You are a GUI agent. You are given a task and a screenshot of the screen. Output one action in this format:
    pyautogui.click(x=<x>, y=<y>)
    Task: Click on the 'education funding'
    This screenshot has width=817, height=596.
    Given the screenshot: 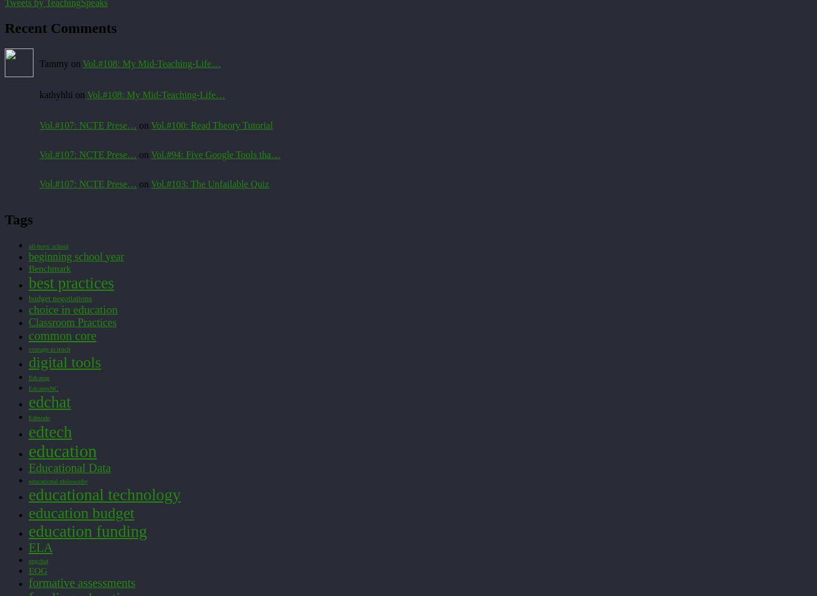 What is the action you would take?
    pyautogui.click(x=87, y=530)
    